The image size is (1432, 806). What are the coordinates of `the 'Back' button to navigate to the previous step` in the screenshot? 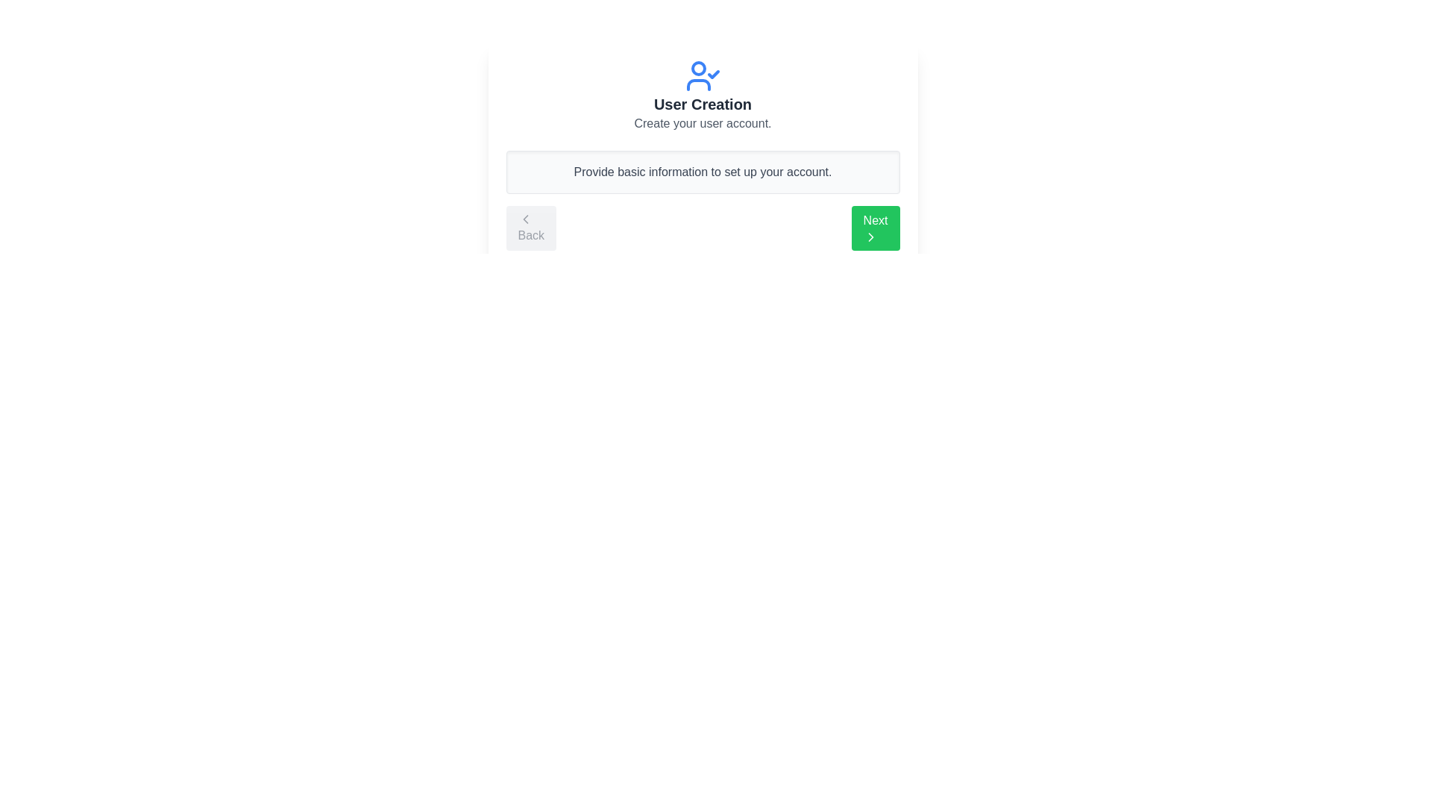 It's located at (530, 228).